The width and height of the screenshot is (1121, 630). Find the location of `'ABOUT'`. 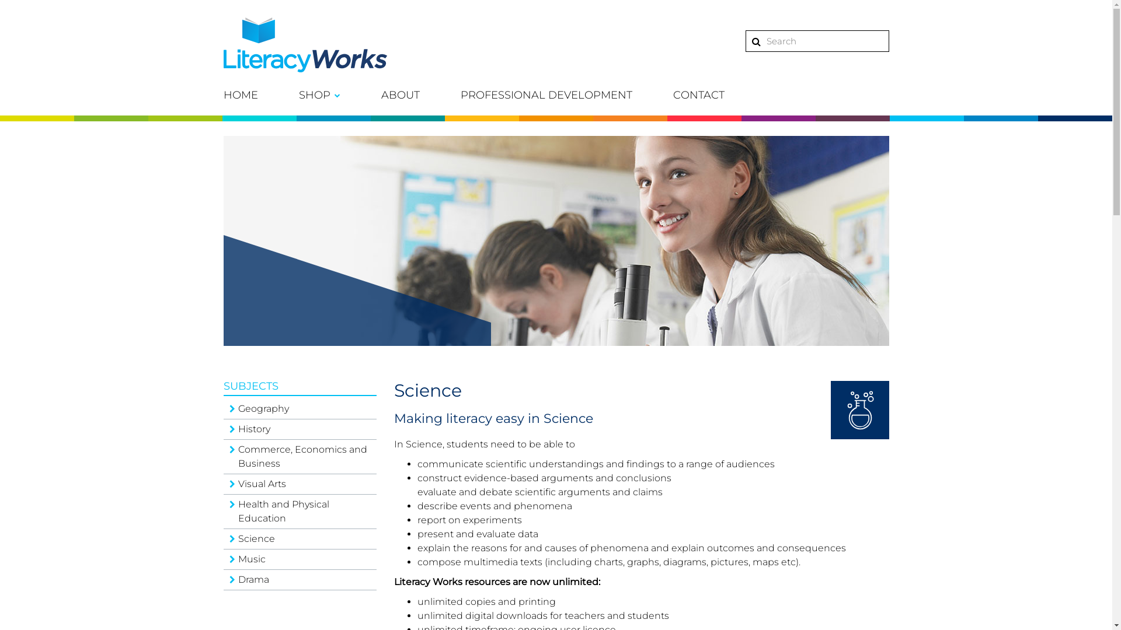

'ABOUT' is located at coordinates (400, 94).